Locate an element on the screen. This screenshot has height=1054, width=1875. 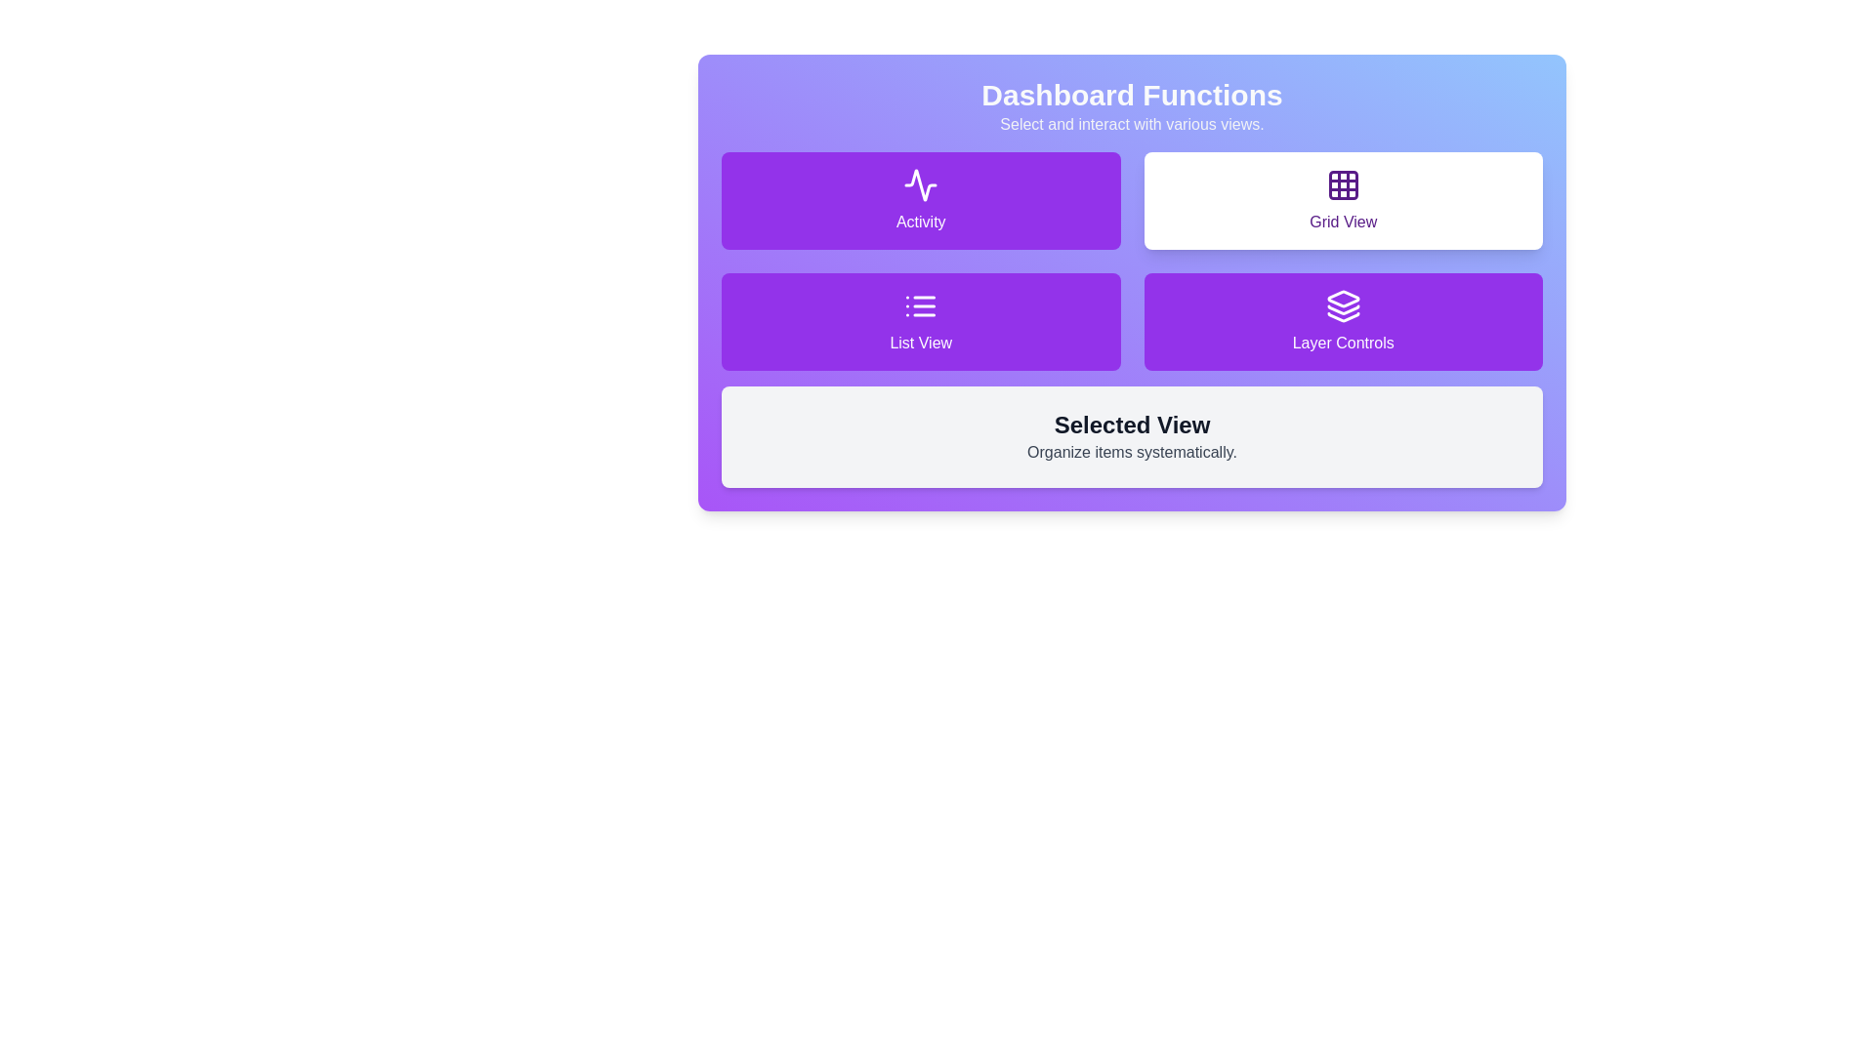
the text label that signifies the 'Selected View' section, located above the text 'Organize items systematically' in the lower portion of the 'Dashboard Functions' section is located at coordinates (1132, 424).